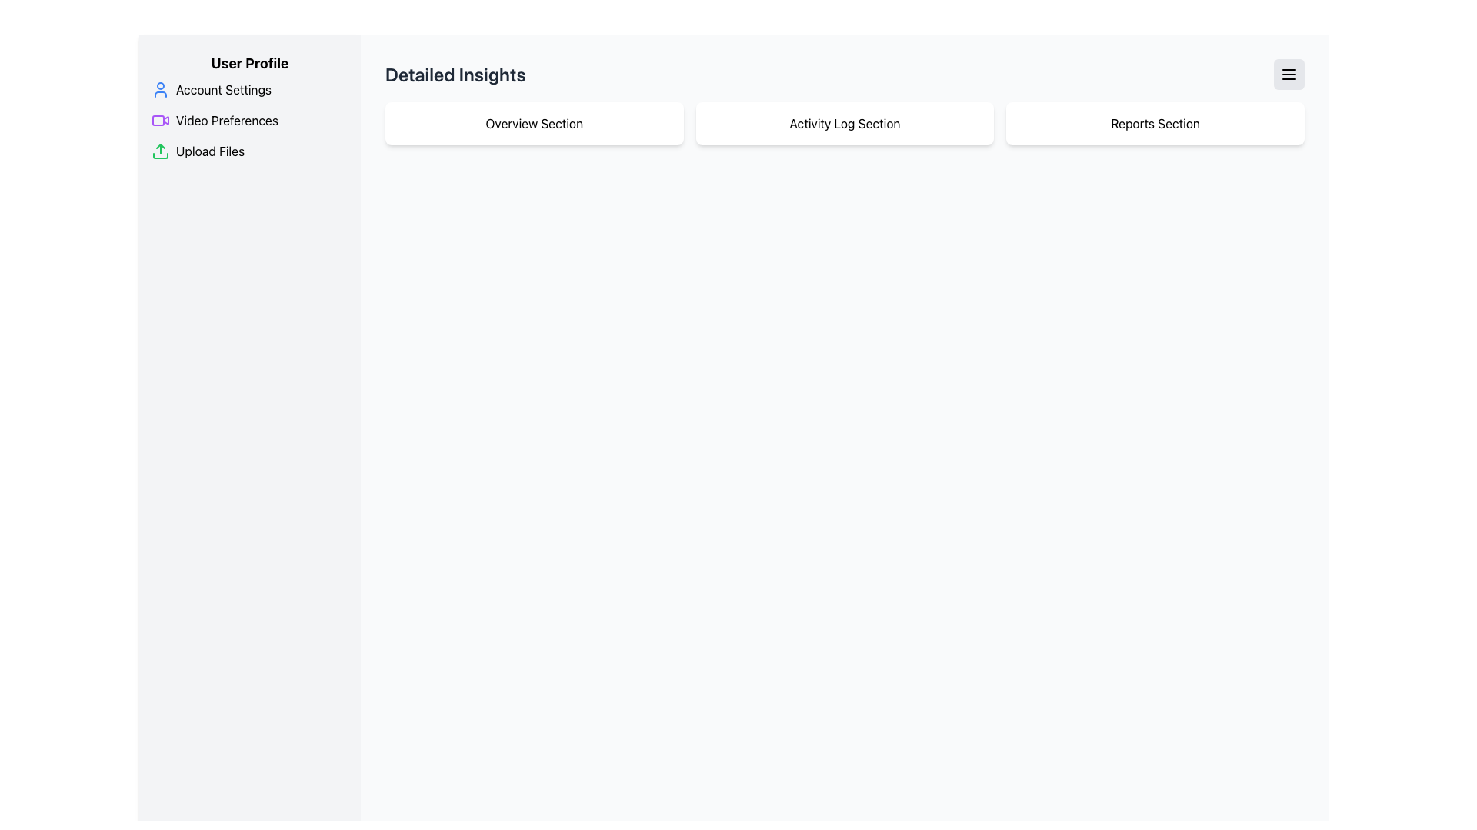 The image size is (1477, 830). I want to click on the 'Reports' card, which is the third card in a row of three sections, located at the top-center-right of the interface, so click(1155, 123).